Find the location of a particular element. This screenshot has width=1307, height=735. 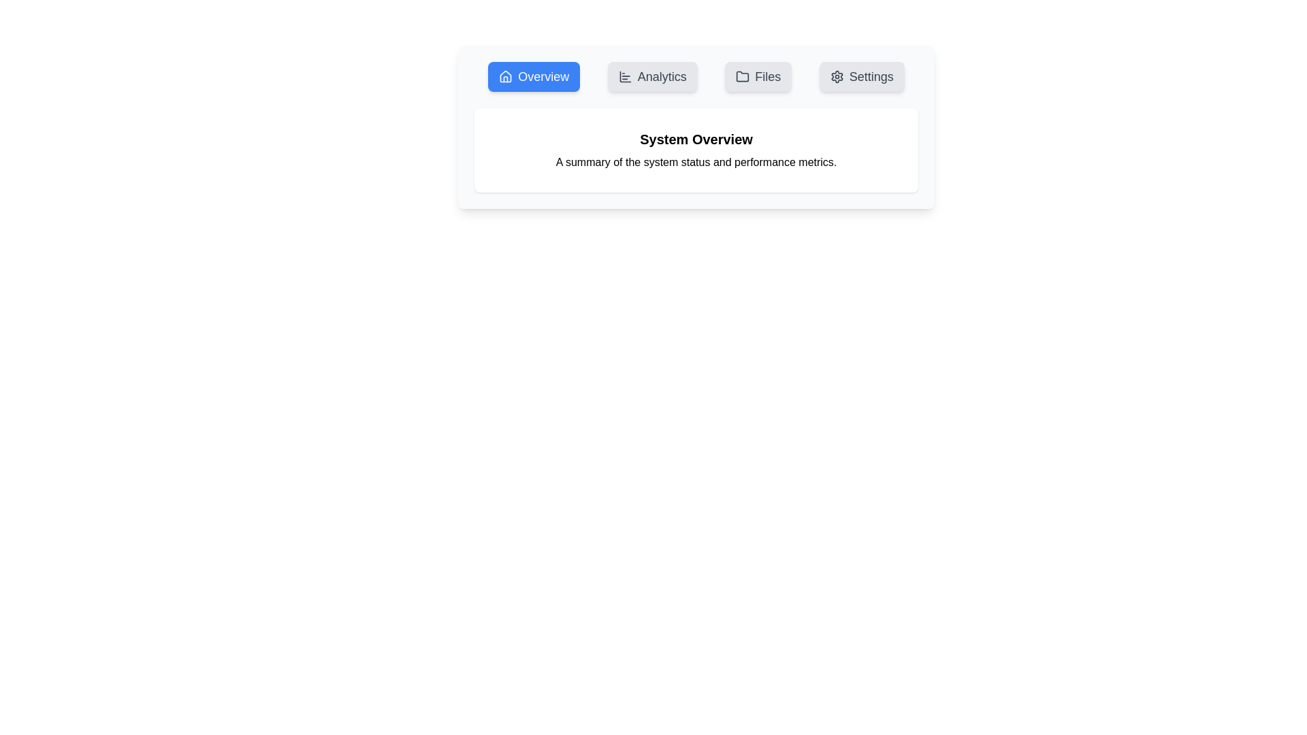

the navigation button located at the far left of the horizontal row is located at coordinates (533, 76).